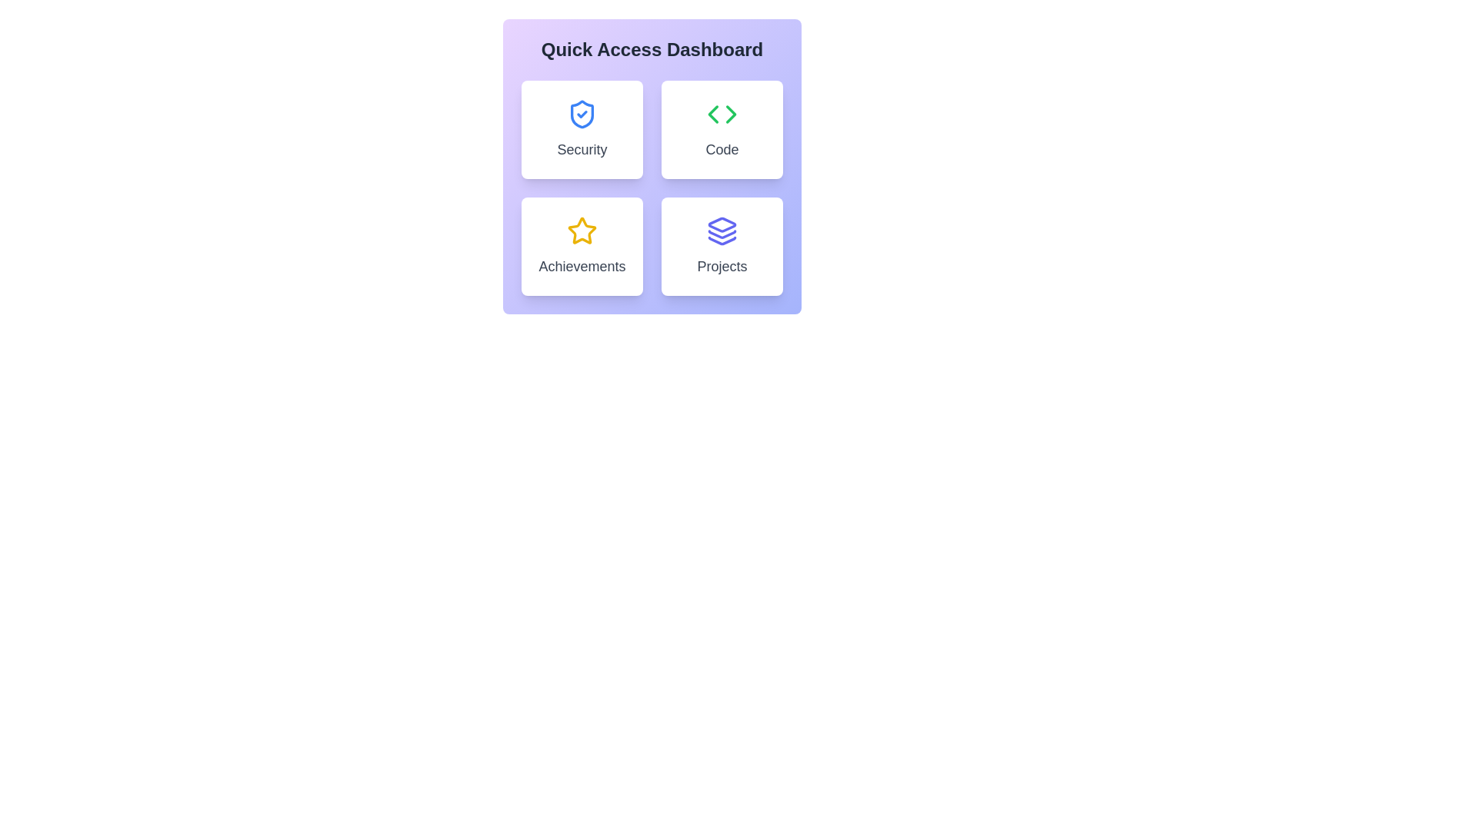  I want to click on the interactive card labeled 'Code' with a green code brackets icon located in the top-right position of the 'Quick Access Dashboard' for navigation, so click(722, 129).